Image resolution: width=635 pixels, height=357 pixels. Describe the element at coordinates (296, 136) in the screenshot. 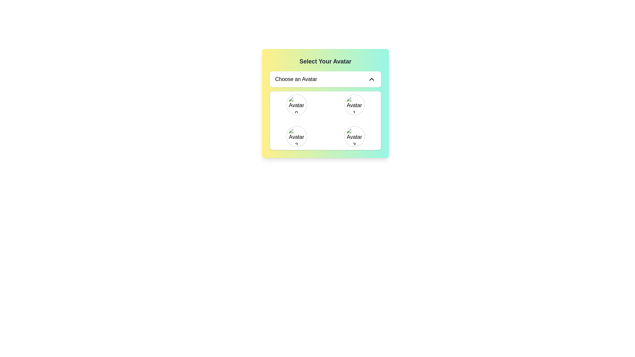

I see `the circular image displaying 'Avatar 2' located in the bottom-left position of the grid` at that location.